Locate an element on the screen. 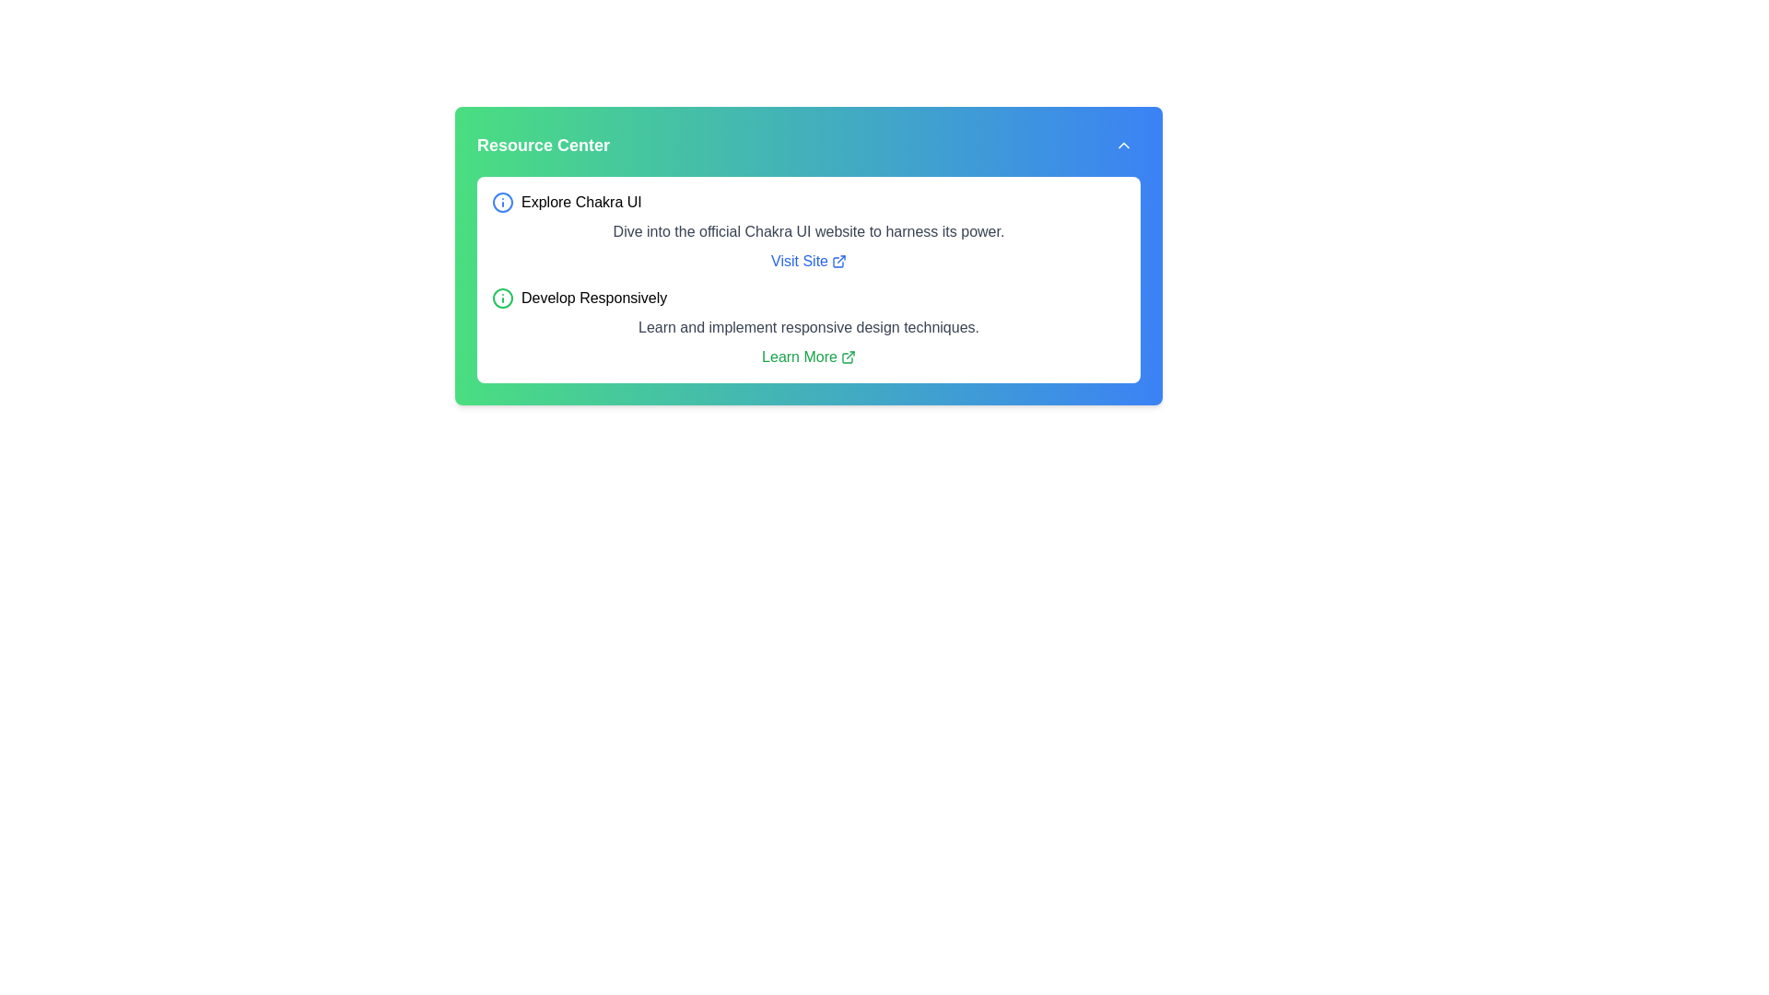 The width and height of the screenshot is (1769, 995). the 'Visit Site' hyperlink with an external-link icon located in the 'Explore Chakra UI' section is located at coordinates (809, 262).